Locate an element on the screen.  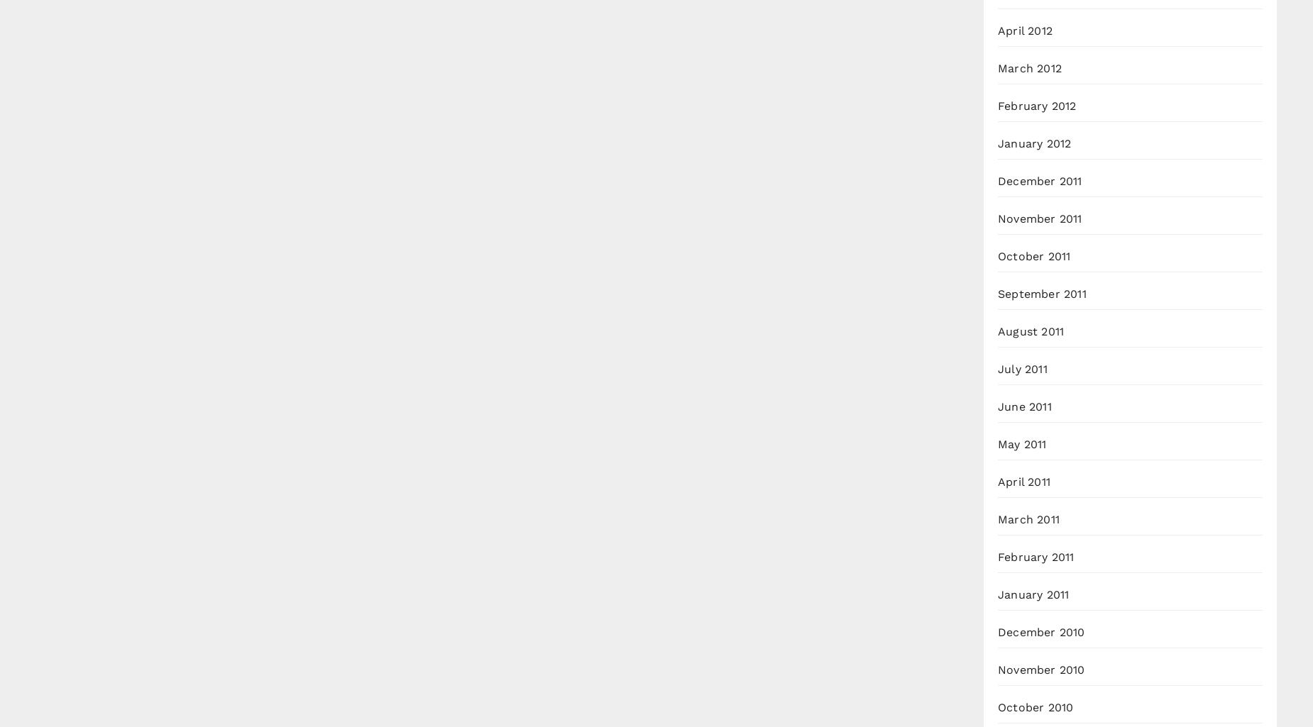
'April 2011' is located at coordinates (1024, 482).